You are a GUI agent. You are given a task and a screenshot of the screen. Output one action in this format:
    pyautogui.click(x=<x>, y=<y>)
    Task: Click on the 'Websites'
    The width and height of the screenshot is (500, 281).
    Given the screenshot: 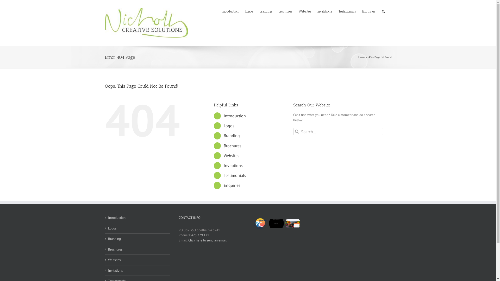 What is the action you would take?
    pyautogui.click(x=224, y=155)
    